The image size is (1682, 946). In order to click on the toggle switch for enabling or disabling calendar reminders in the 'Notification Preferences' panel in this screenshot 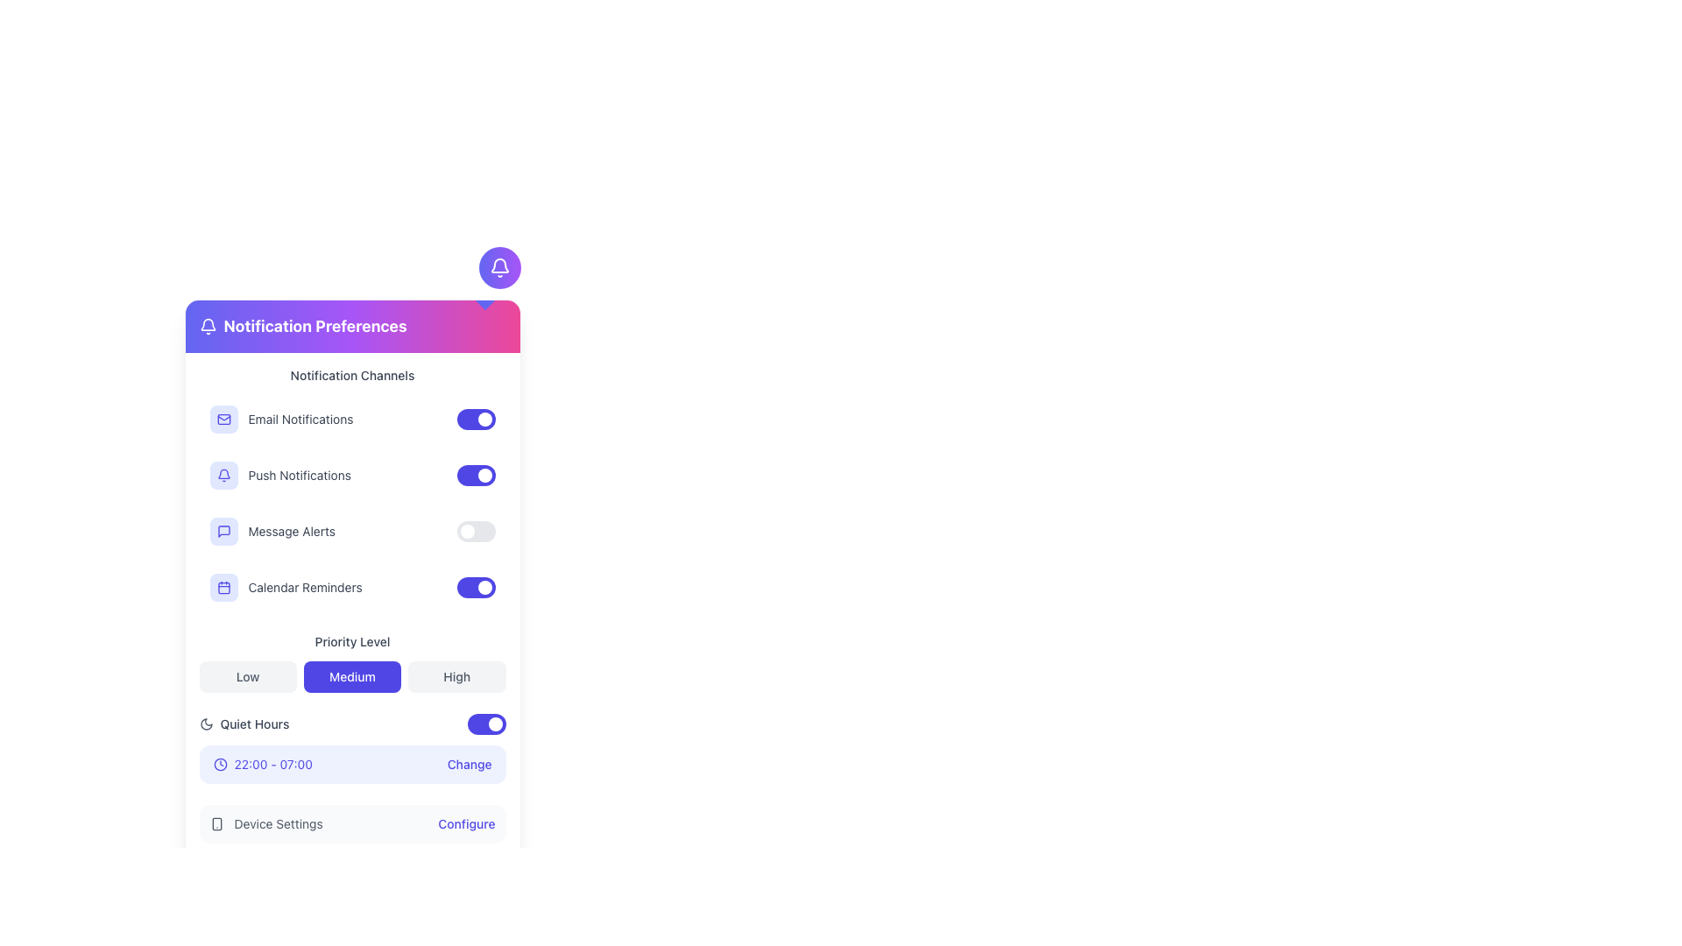, I will do `click(476, 588)`.